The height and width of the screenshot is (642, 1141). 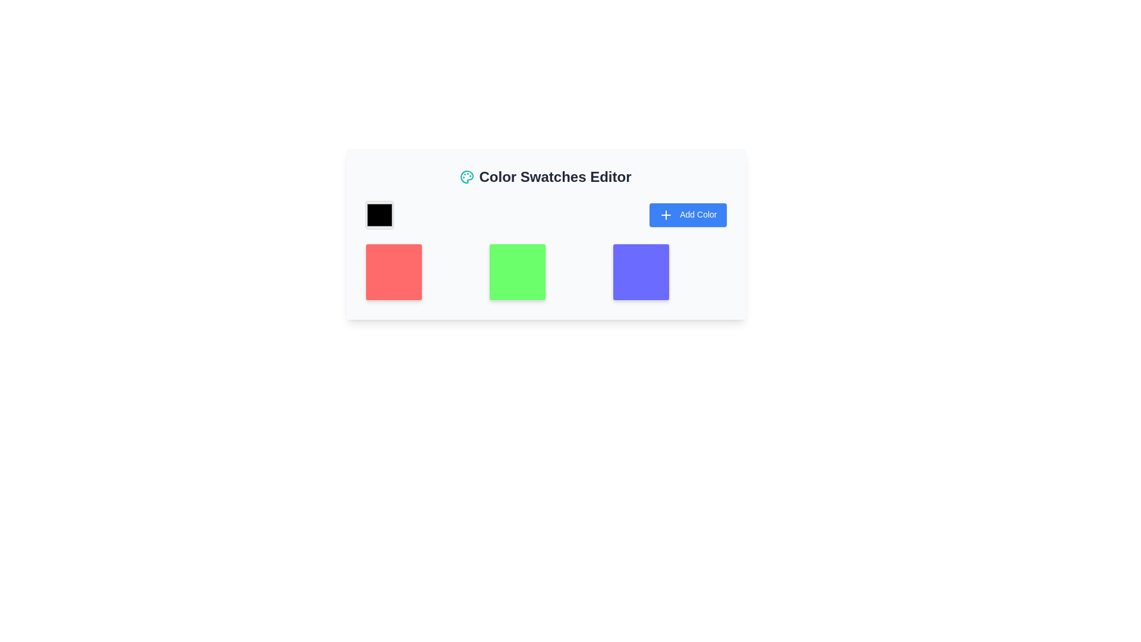 I want to click on the delete button icon with a red background located at the top-right corner of the color swatch, so click(x=467, y=254).